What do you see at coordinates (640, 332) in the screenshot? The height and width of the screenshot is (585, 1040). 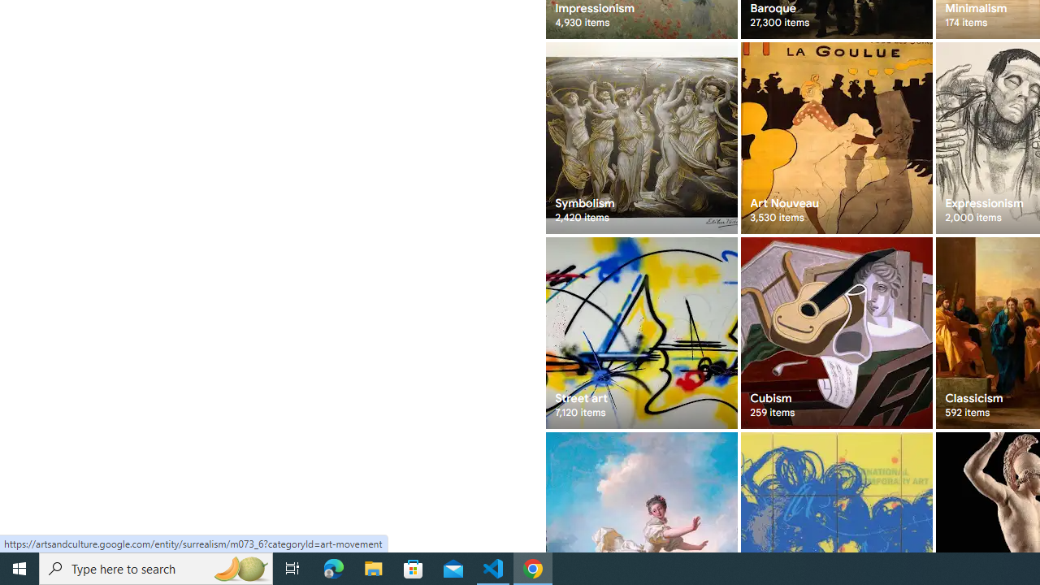 I see `'Street art 7,120 items'` at bounding box center [640, 332].